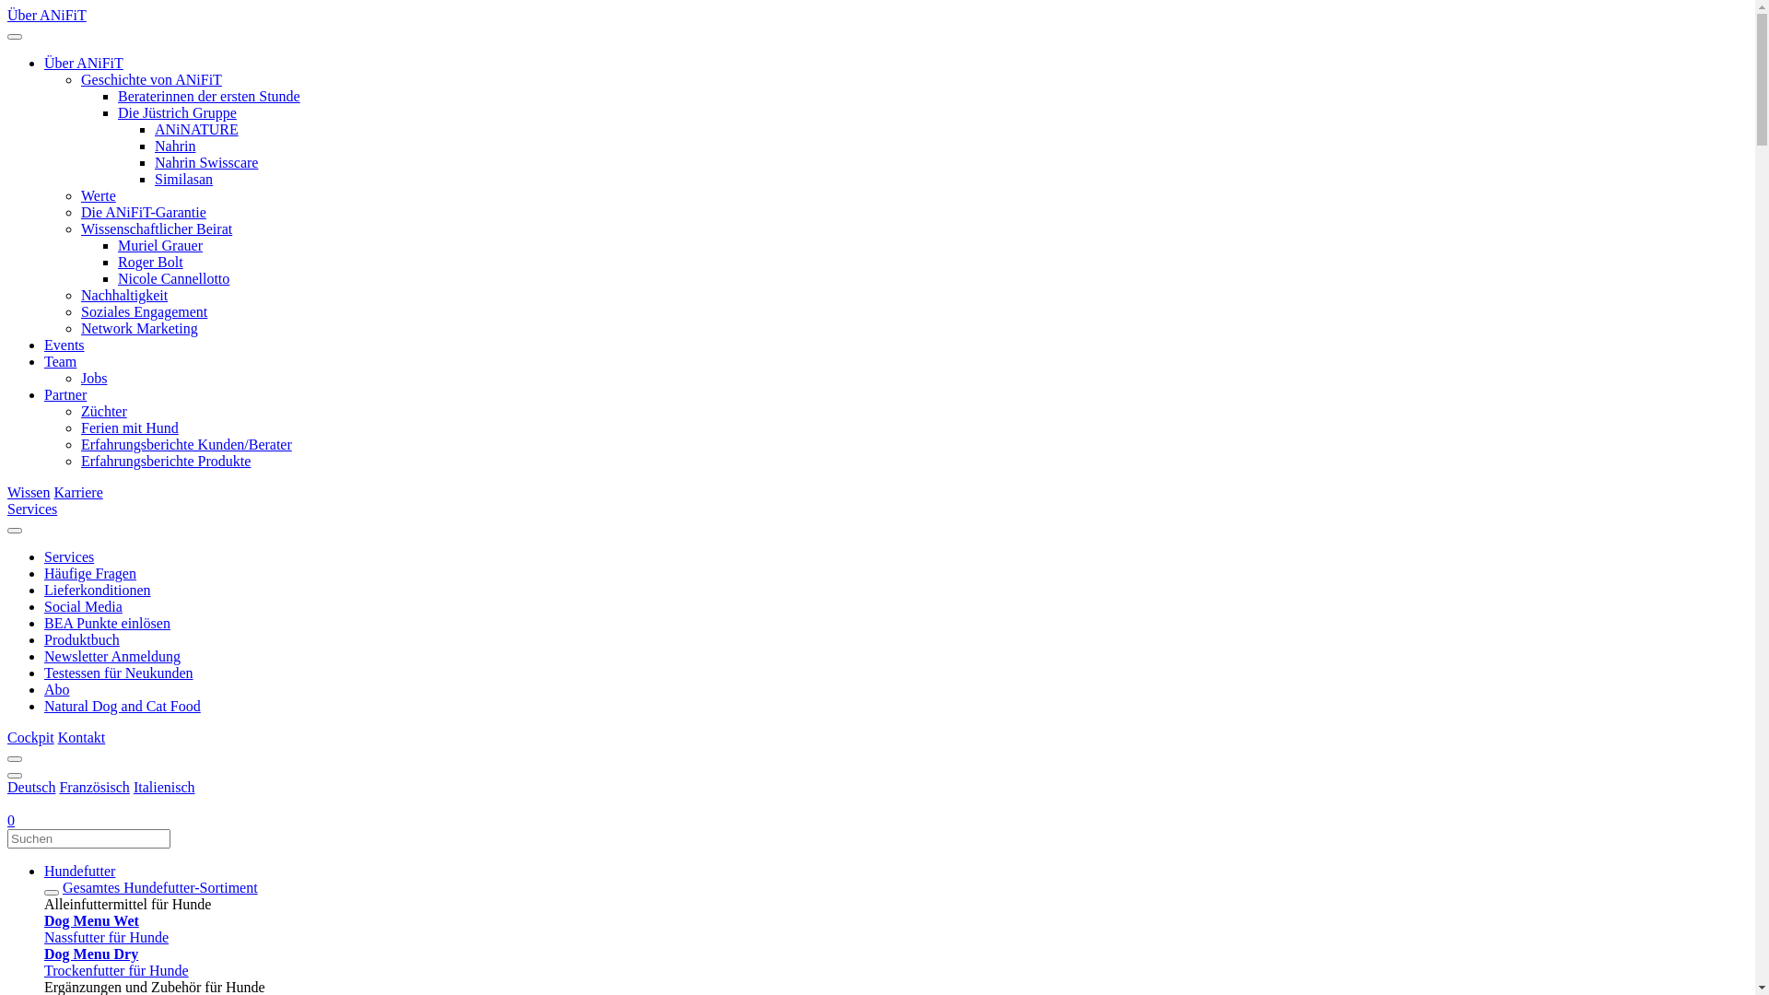 The width and height of the screenshot is (1769, 995). I want to click on 'Erfahrungsberichte Produkte', so click(166, 460).